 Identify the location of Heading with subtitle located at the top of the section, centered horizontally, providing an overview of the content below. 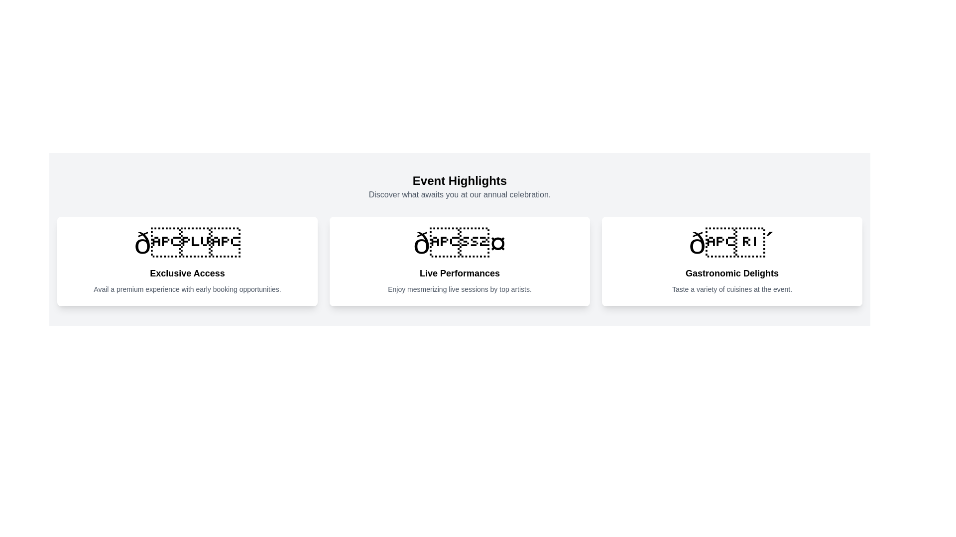
(459, 186).